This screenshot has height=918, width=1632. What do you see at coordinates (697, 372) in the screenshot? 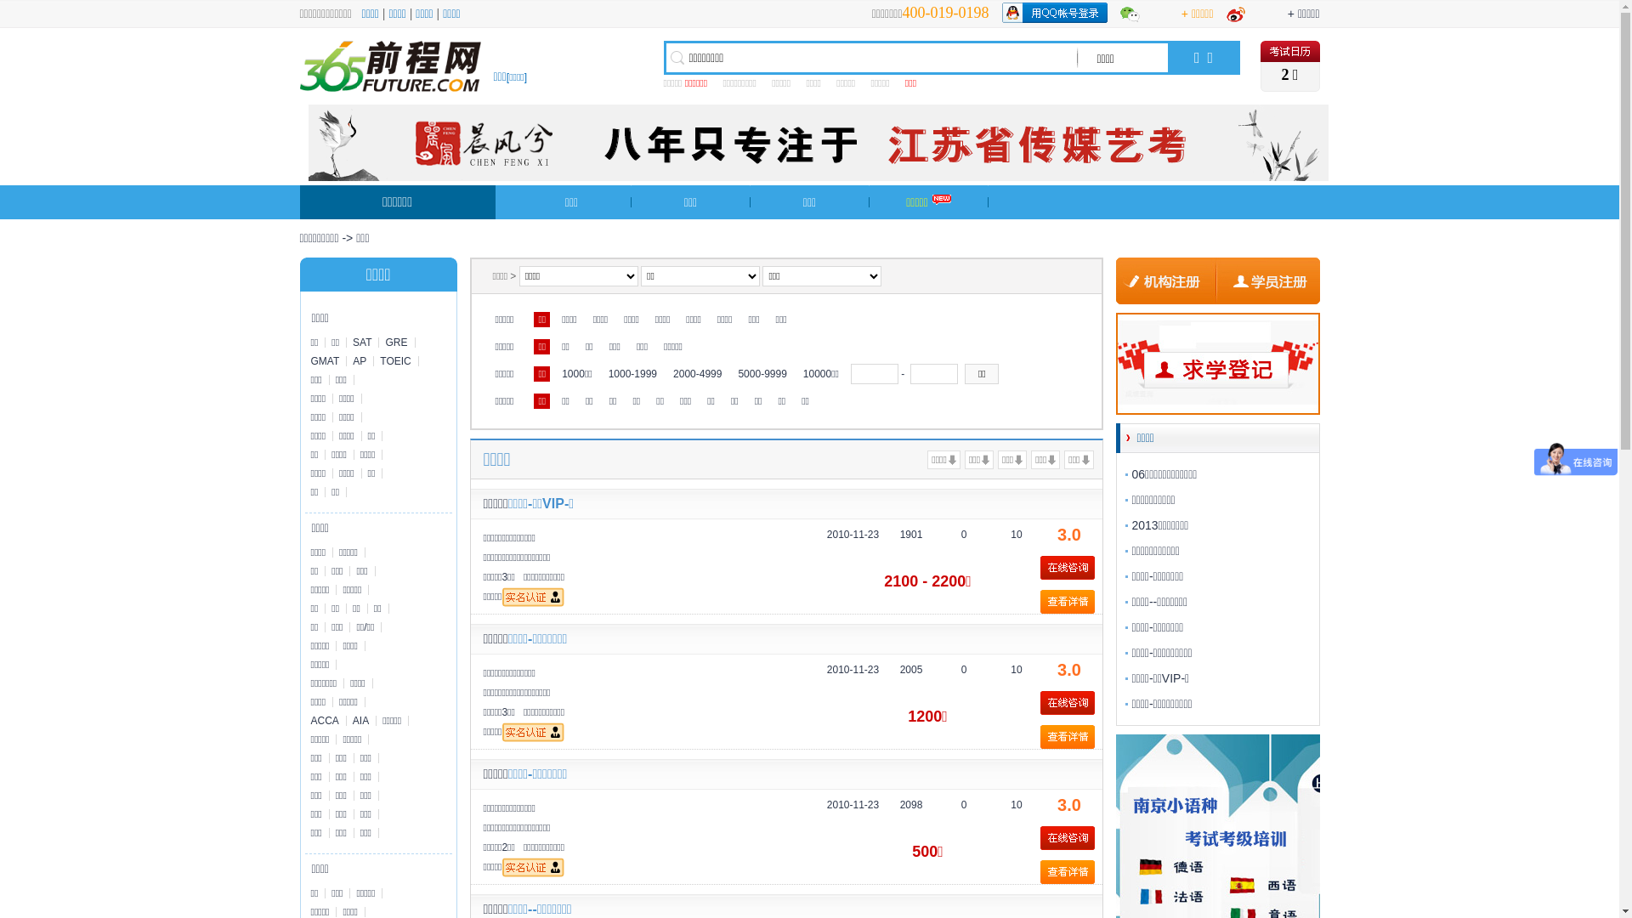
I see `'2000-4999'` at bounding box center [697, 372].